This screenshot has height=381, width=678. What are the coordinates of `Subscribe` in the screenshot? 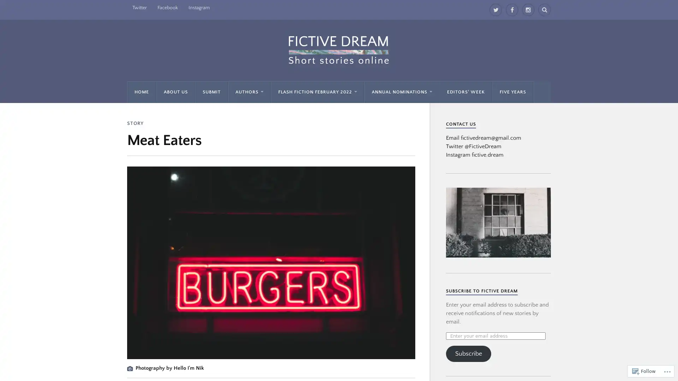 It's located at (468, 353).